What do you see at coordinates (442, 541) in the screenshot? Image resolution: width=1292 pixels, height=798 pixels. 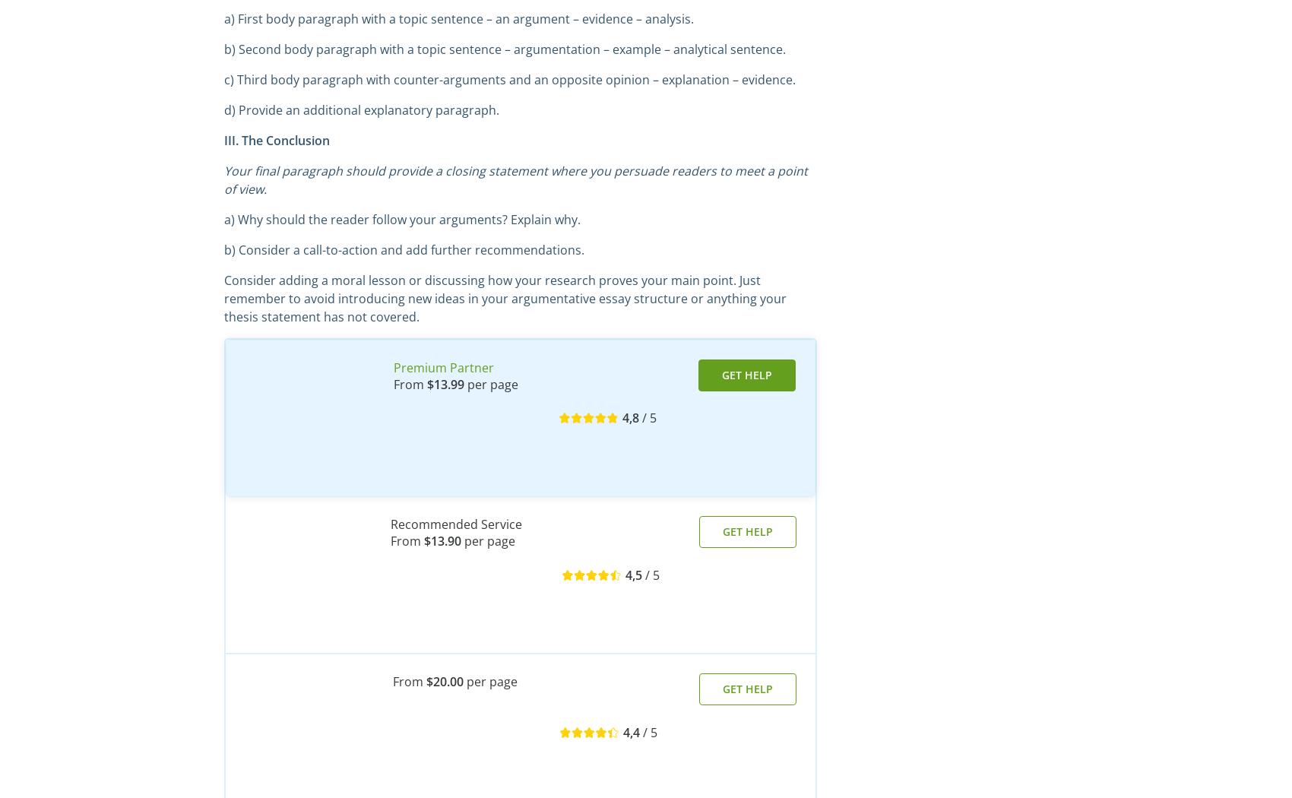 I see `'$13.90'` at bounding box center [442, 541].